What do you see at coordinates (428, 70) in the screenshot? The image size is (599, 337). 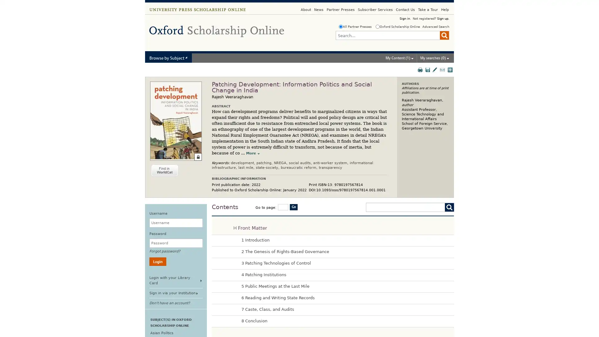 I see `Save` at bounding box center [428, 70].